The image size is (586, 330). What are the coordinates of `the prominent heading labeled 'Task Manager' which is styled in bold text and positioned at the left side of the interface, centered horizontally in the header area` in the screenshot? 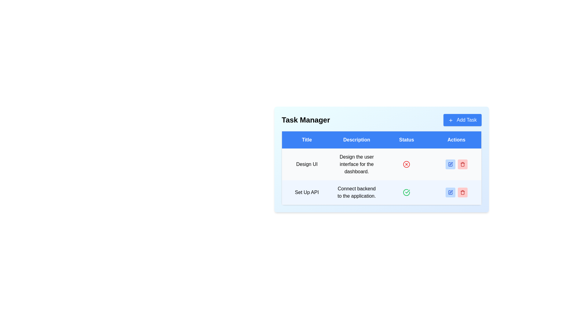 It's located at (306, 120).